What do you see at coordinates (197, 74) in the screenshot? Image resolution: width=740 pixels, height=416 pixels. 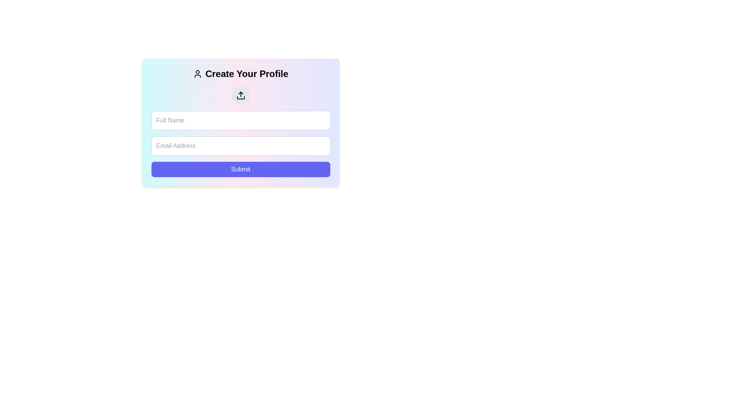 I see `the user profile icon, which is a circular head and shoulders silhouette with a minimalistic black outline, positioned left-aligned next to the text 'Create Your Profile'` at bounding box center [197, 74].